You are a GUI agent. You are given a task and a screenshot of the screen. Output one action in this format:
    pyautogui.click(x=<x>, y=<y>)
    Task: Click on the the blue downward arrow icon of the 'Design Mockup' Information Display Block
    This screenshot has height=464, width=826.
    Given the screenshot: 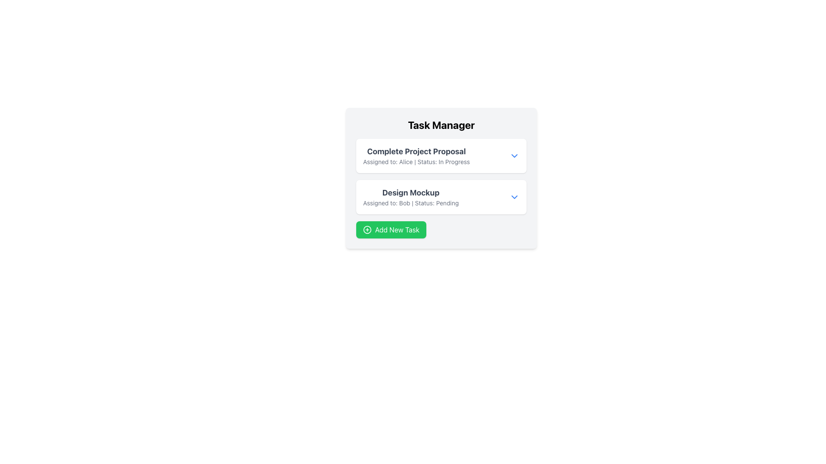 What is the action you would take?
    pyautogui.click(x=441, y=197)
    